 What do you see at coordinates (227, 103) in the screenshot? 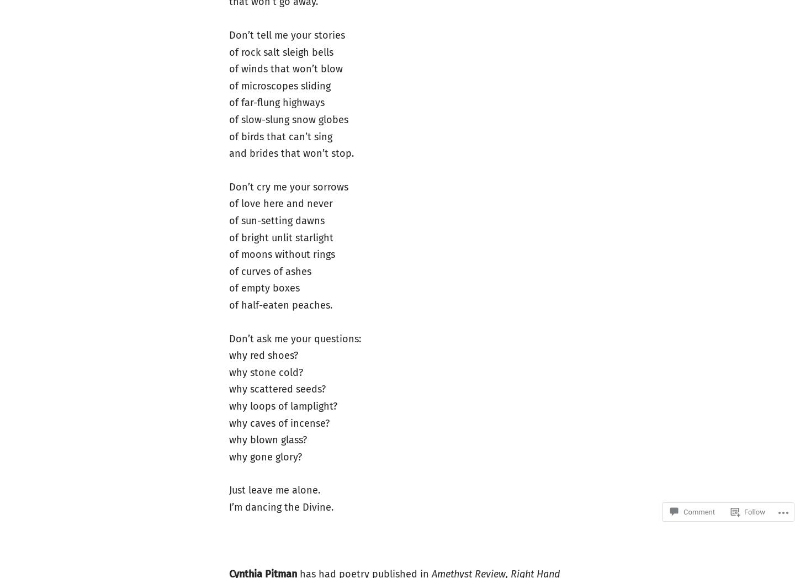
I see `'of far-flung highways'` at bounding box center [227, 103].